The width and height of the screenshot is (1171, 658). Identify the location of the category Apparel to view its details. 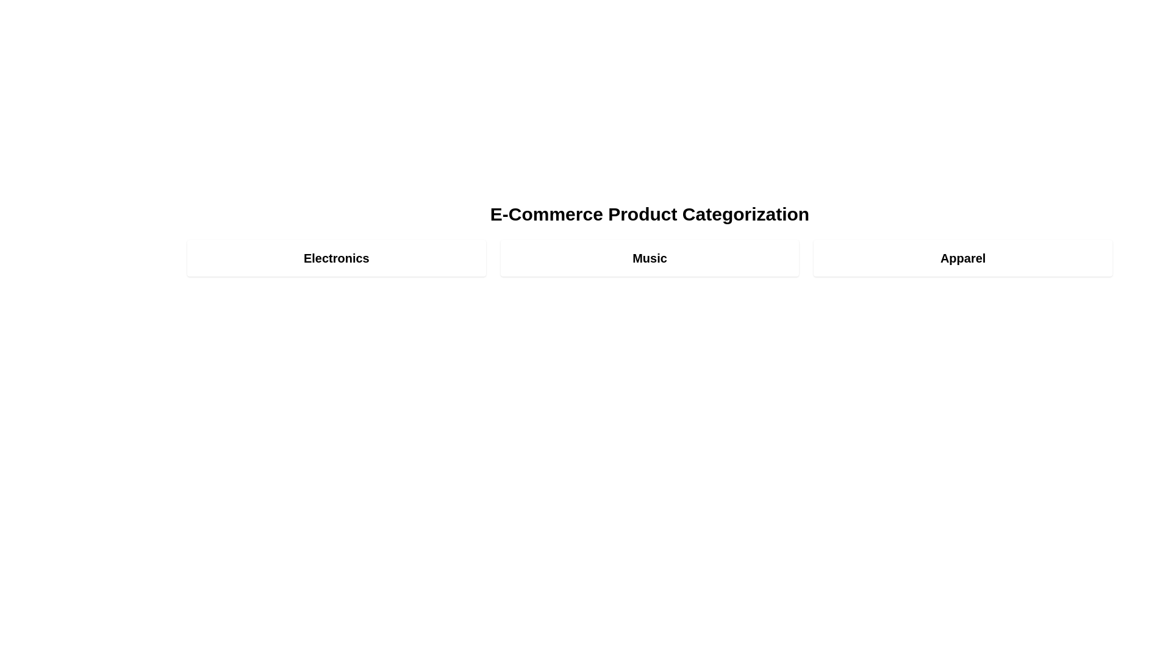
(962, 258).